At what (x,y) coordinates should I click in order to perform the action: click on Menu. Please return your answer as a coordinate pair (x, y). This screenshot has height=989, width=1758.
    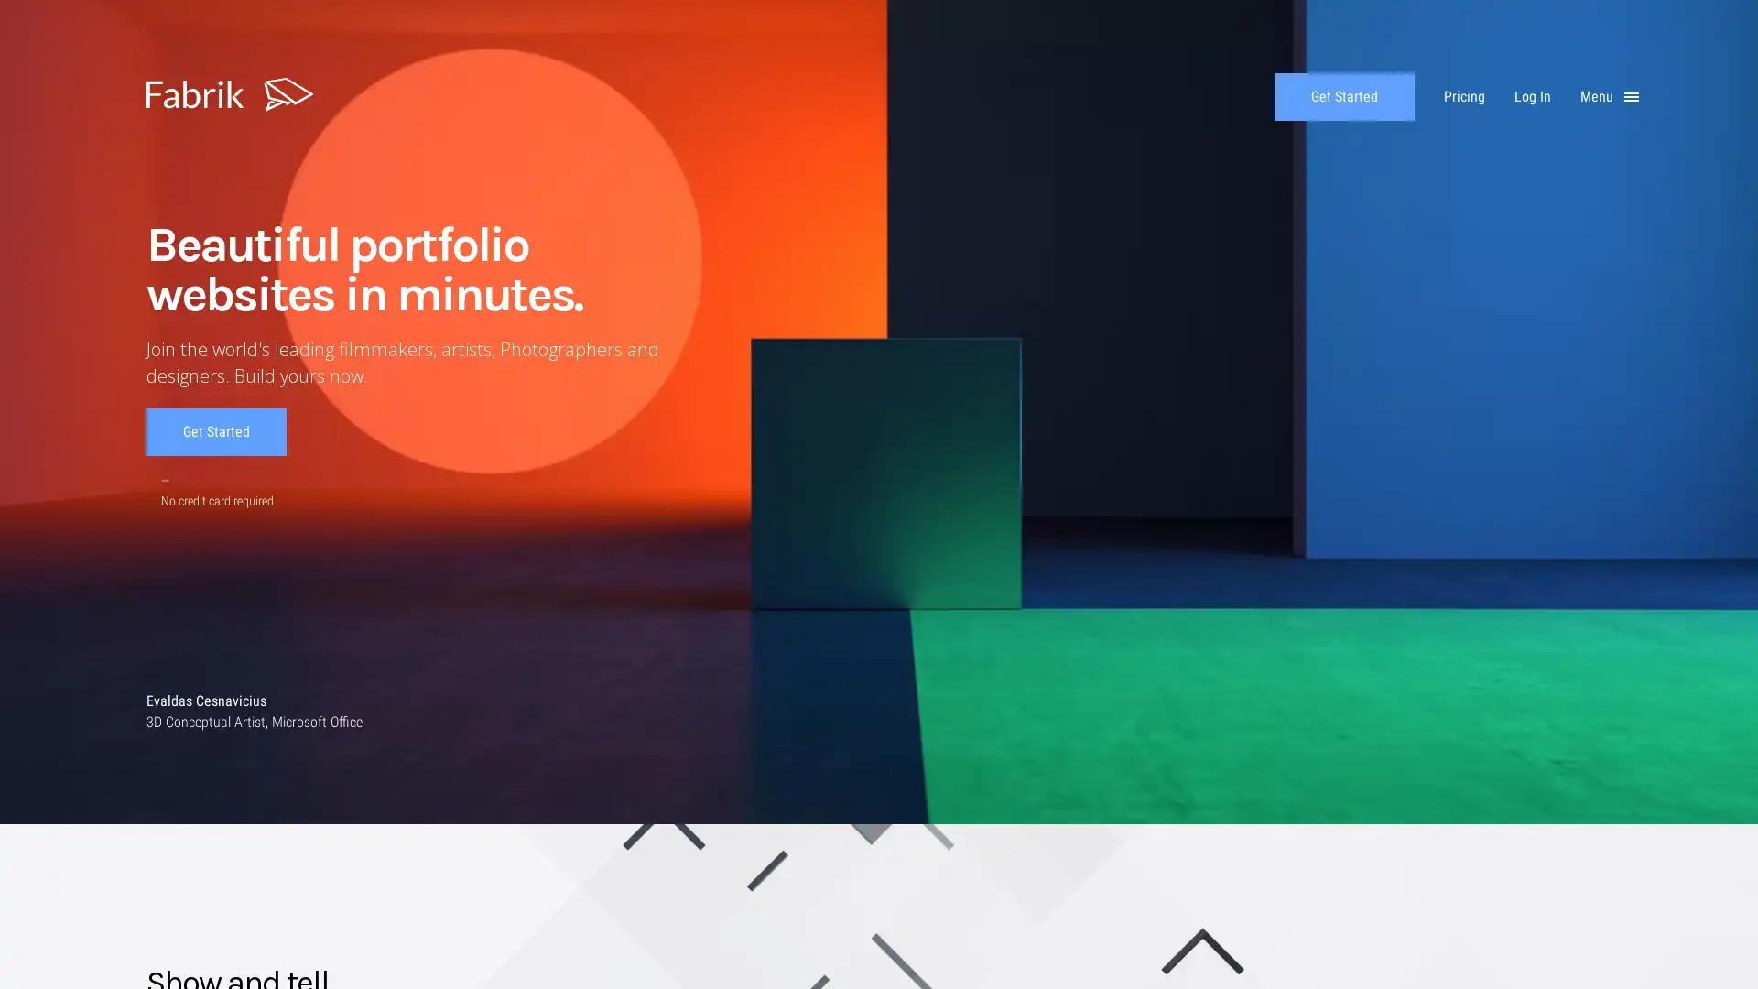
    Looking at the image, I should click on (1598, 96).